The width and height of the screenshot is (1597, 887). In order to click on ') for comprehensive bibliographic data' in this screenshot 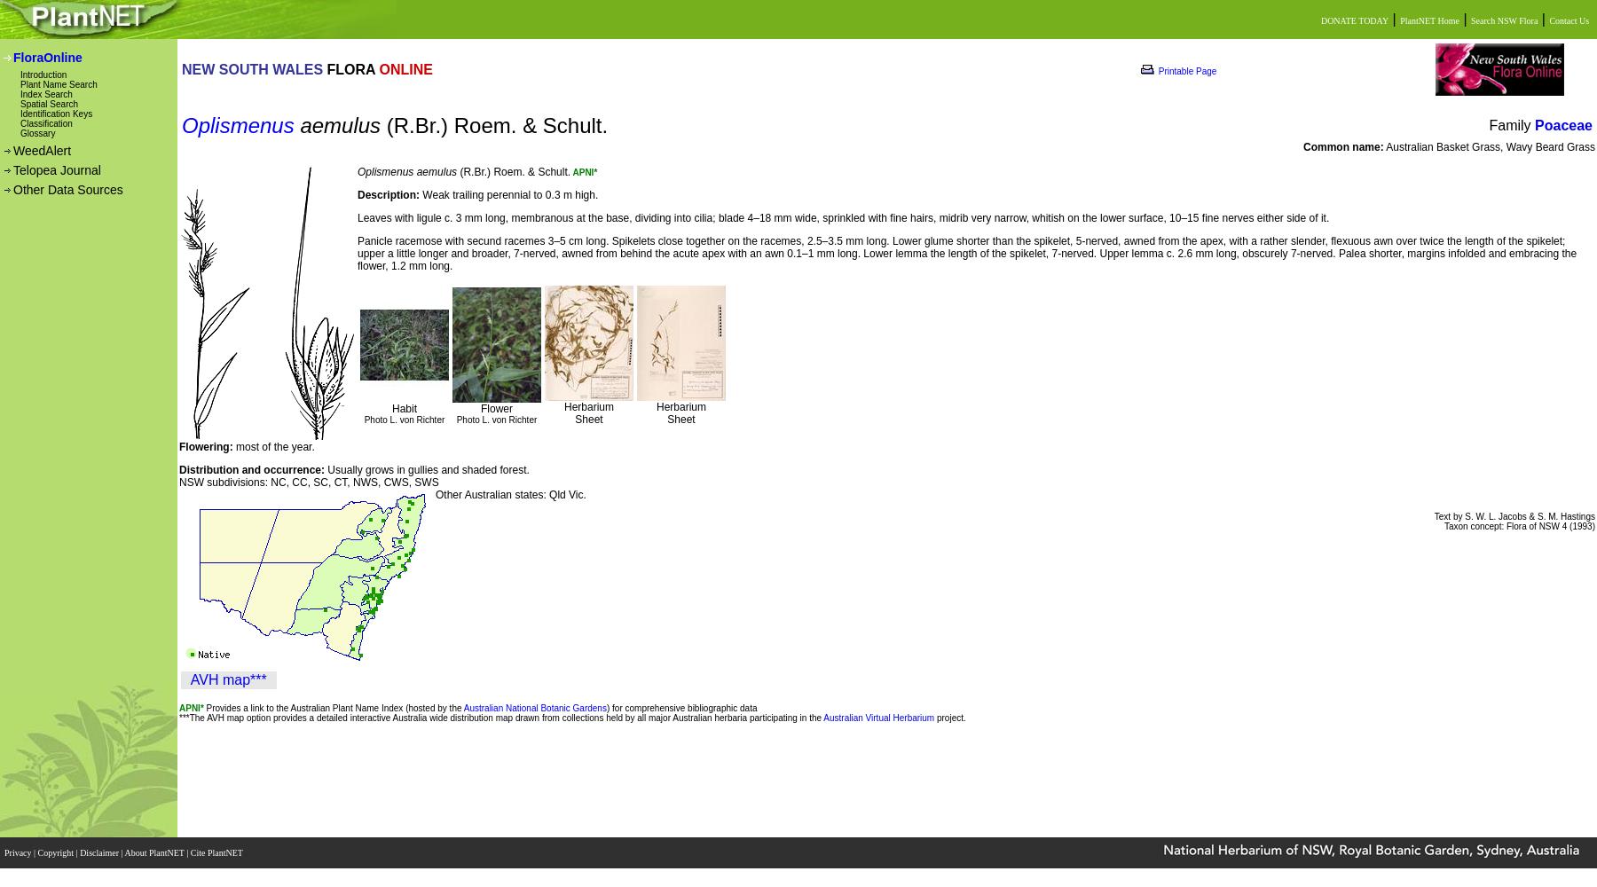, I will do `click(680, 708)`.